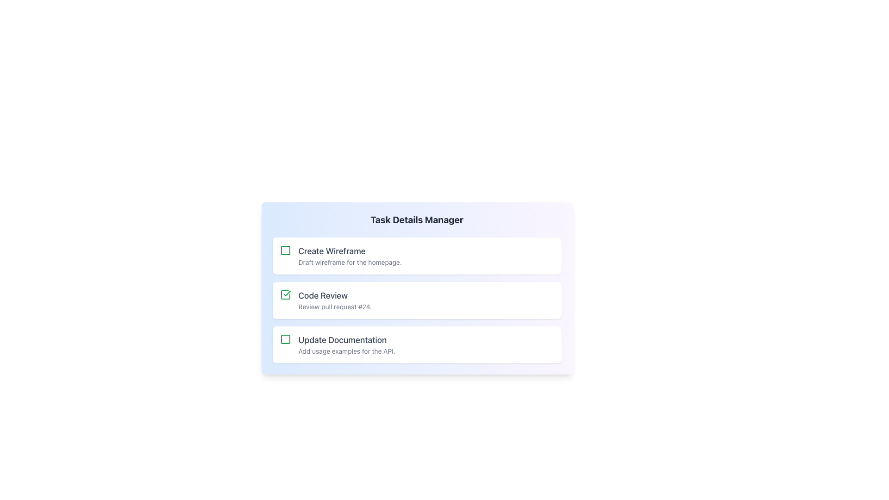 The image size is (889, 500). Describe the element at coordinates (285, 339) in the screenshot. I see `the inner square of the checkbox related to the 'Update Documentation' task, which serves as a visual indicator of its checked or unchecked state` at that location.